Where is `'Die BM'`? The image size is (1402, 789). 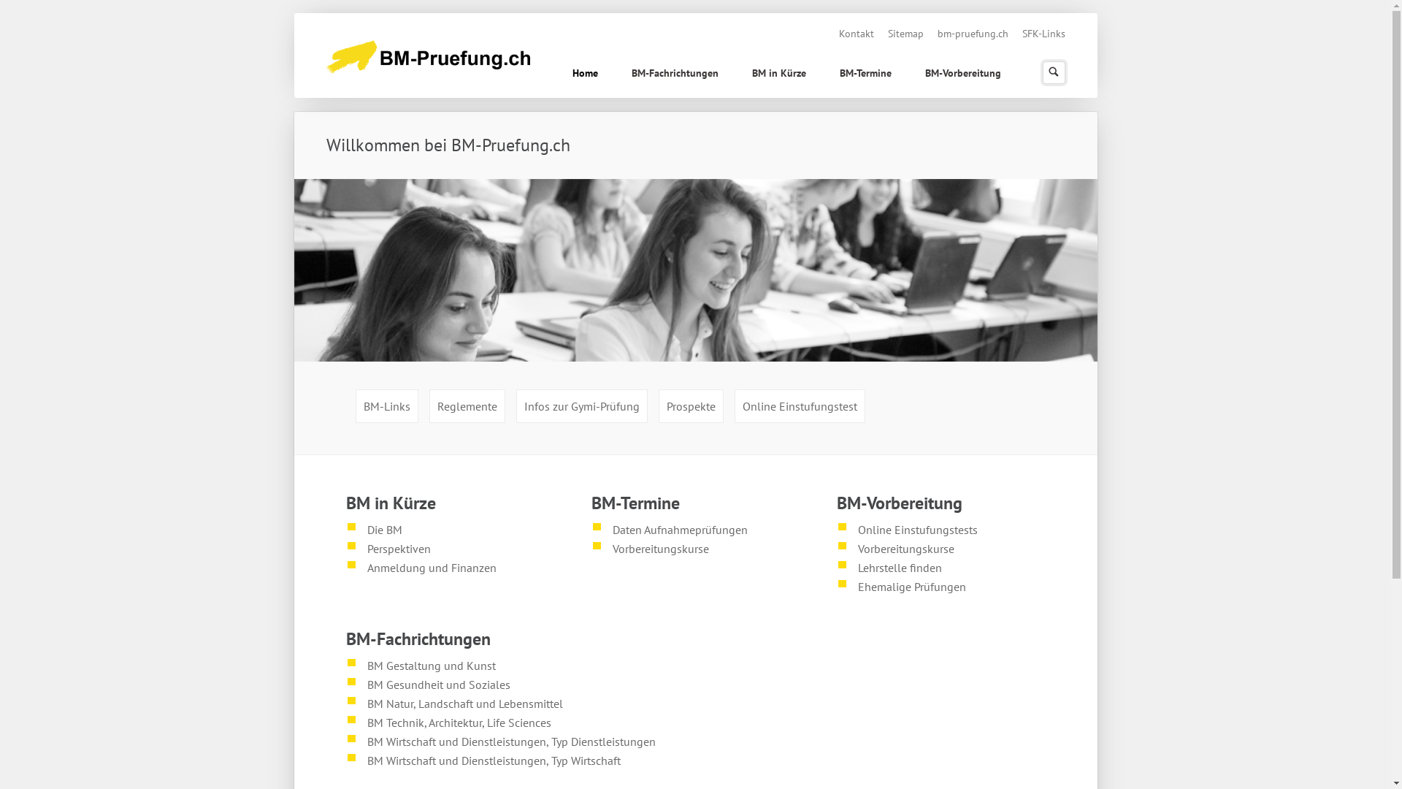 'Die BM' is located at coordinates (385, 530).